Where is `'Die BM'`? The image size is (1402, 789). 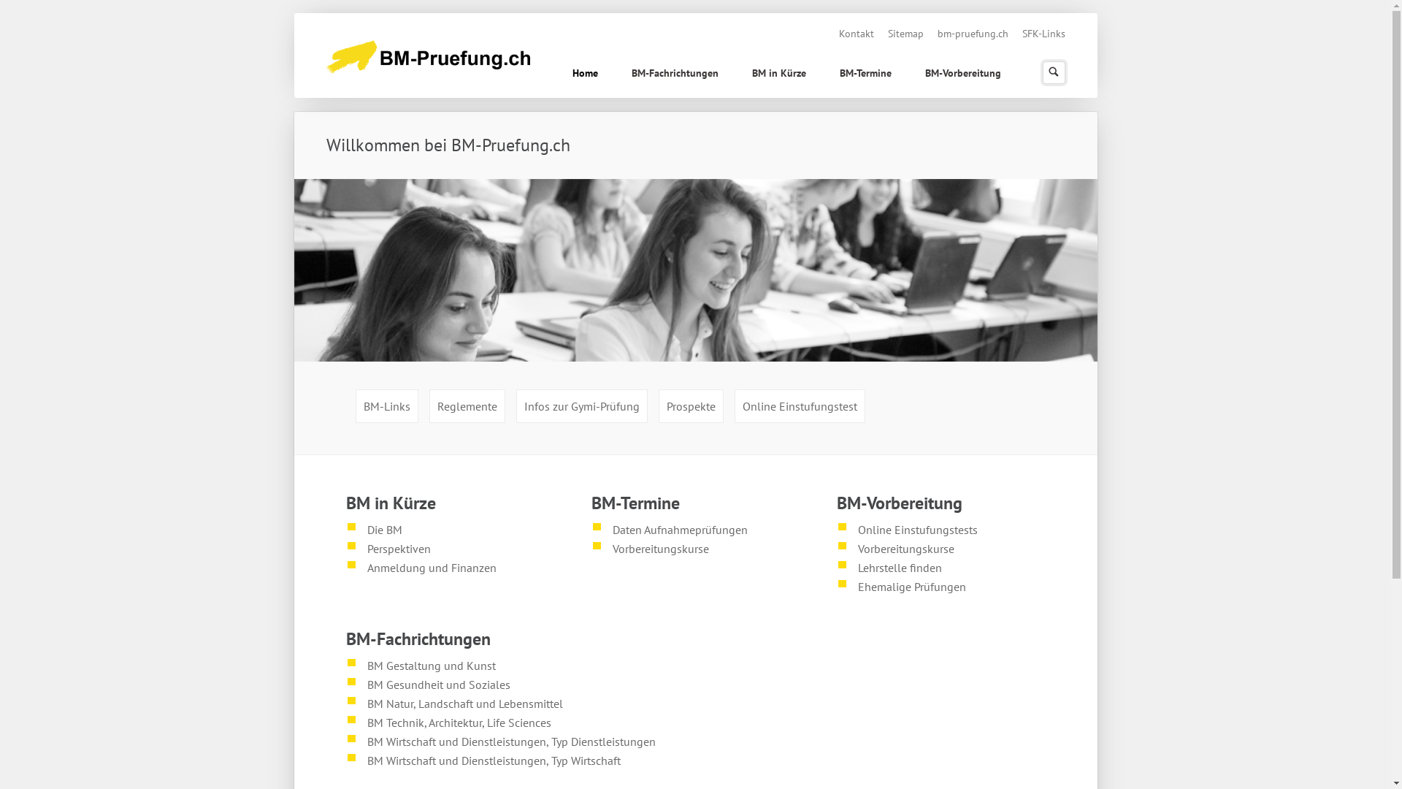 'Die BM' is located at coordinates (385, 530).